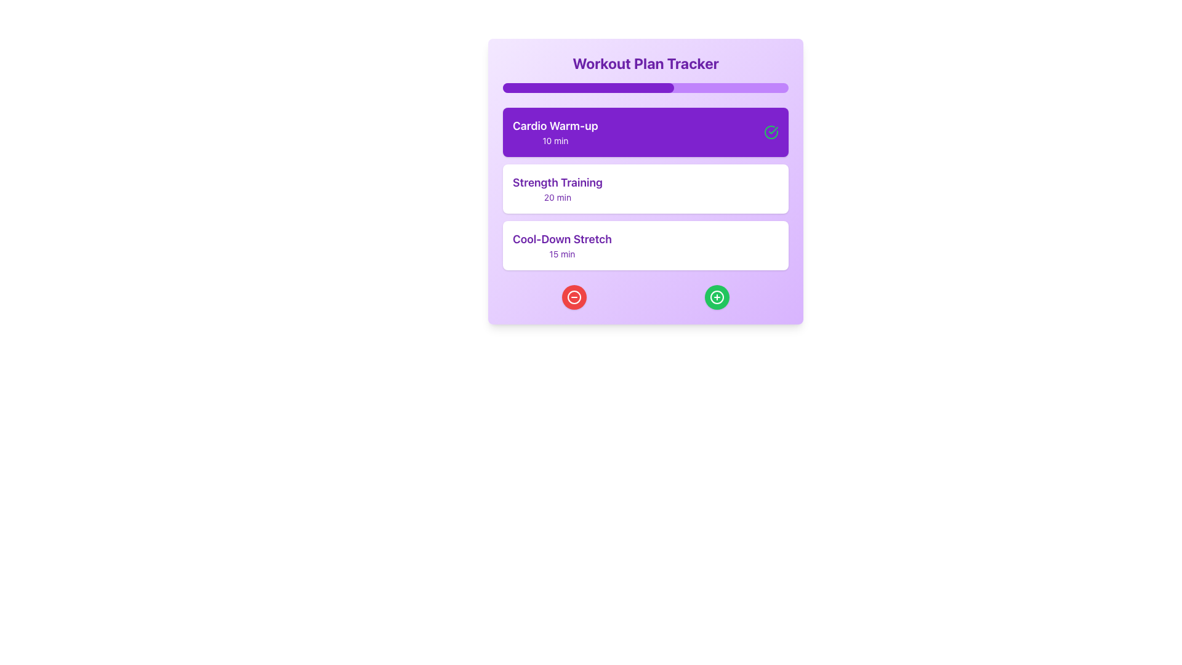 The width and height of the screenshot is (1182, 665). Describe the element at coordinates (573, 297) in the screenshot. I see `the 'remove' or 'delete' button located towards the bottom center of the interface to trigger tooltip or highlight effects` at that location.